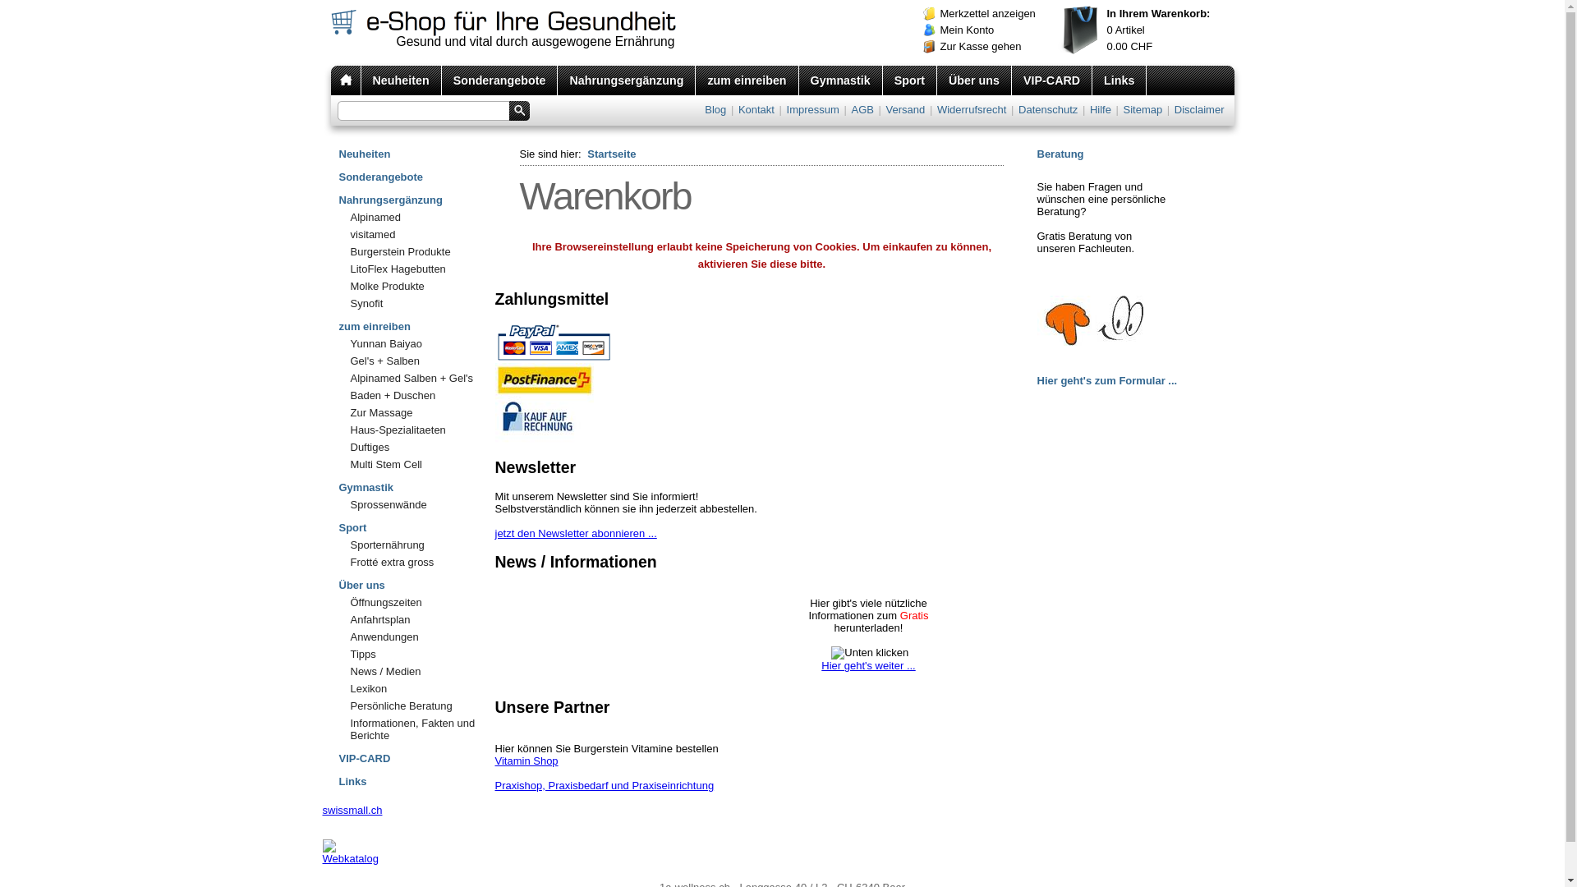 This screenshot has width=1577, height=887. What do you see at coordinates (416, 378) in the screenshot?
I see `'Alpinamed Salben + Gel's'` at bounding box center [416, 378].